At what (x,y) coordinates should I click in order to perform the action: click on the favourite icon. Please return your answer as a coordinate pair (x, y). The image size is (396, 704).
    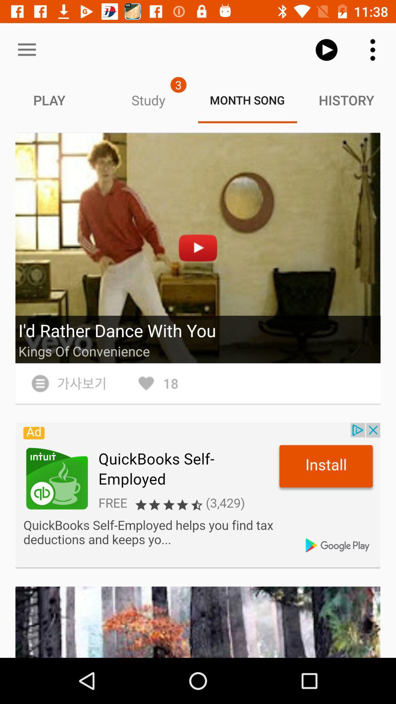
    Looking at the image, I should click on (157, 383).